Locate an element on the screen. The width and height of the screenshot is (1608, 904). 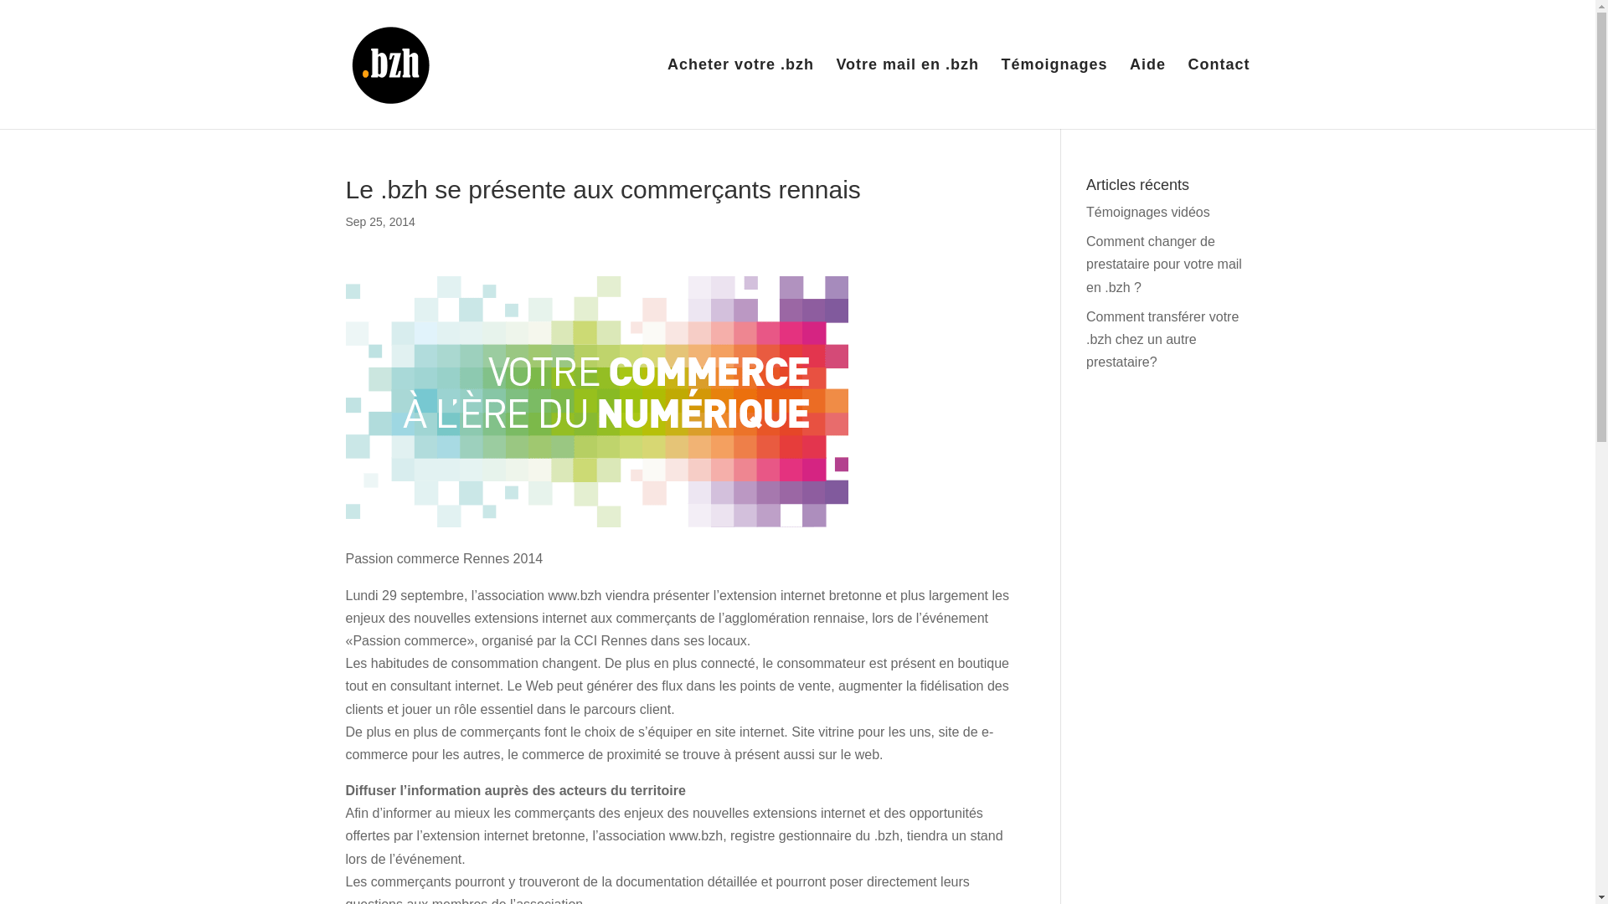
'Aide' is located at coordinates (1147, 93).